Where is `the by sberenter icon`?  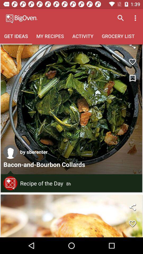
the by sberenter icon is located at coordinates (34, 152).